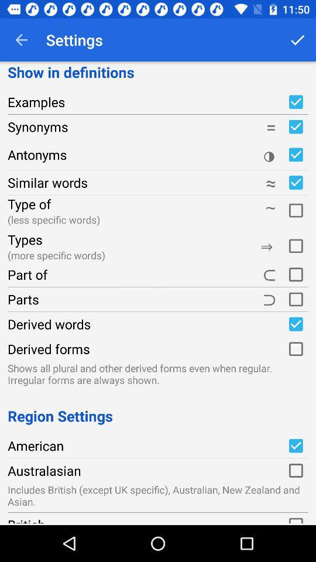 The height and width of the screenshot is (562, 316). What do you see at coordinates (297, 40) in the screenshot?
I see `item next to the show in definitions` at bounding box center [297, 40].